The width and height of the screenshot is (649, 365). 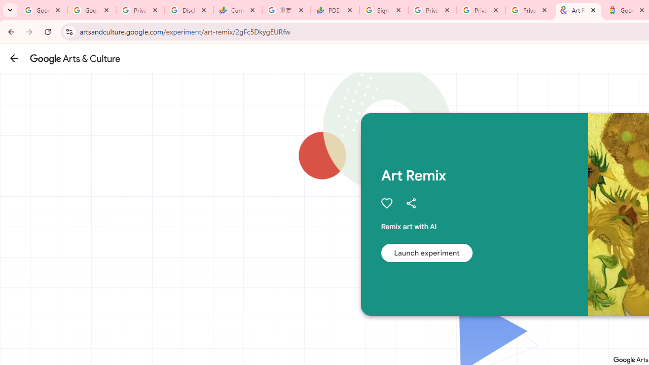 I want to click on 'Authenticate to favorite this asset.', so click(x=386, y=203).